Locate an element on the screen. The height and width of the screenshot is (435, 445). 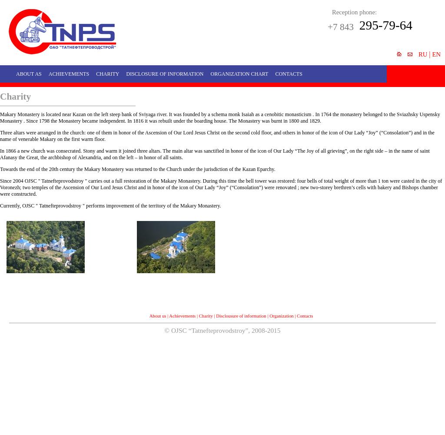
'ACHIEVEMENTS' is located at coordinates (48, 74).